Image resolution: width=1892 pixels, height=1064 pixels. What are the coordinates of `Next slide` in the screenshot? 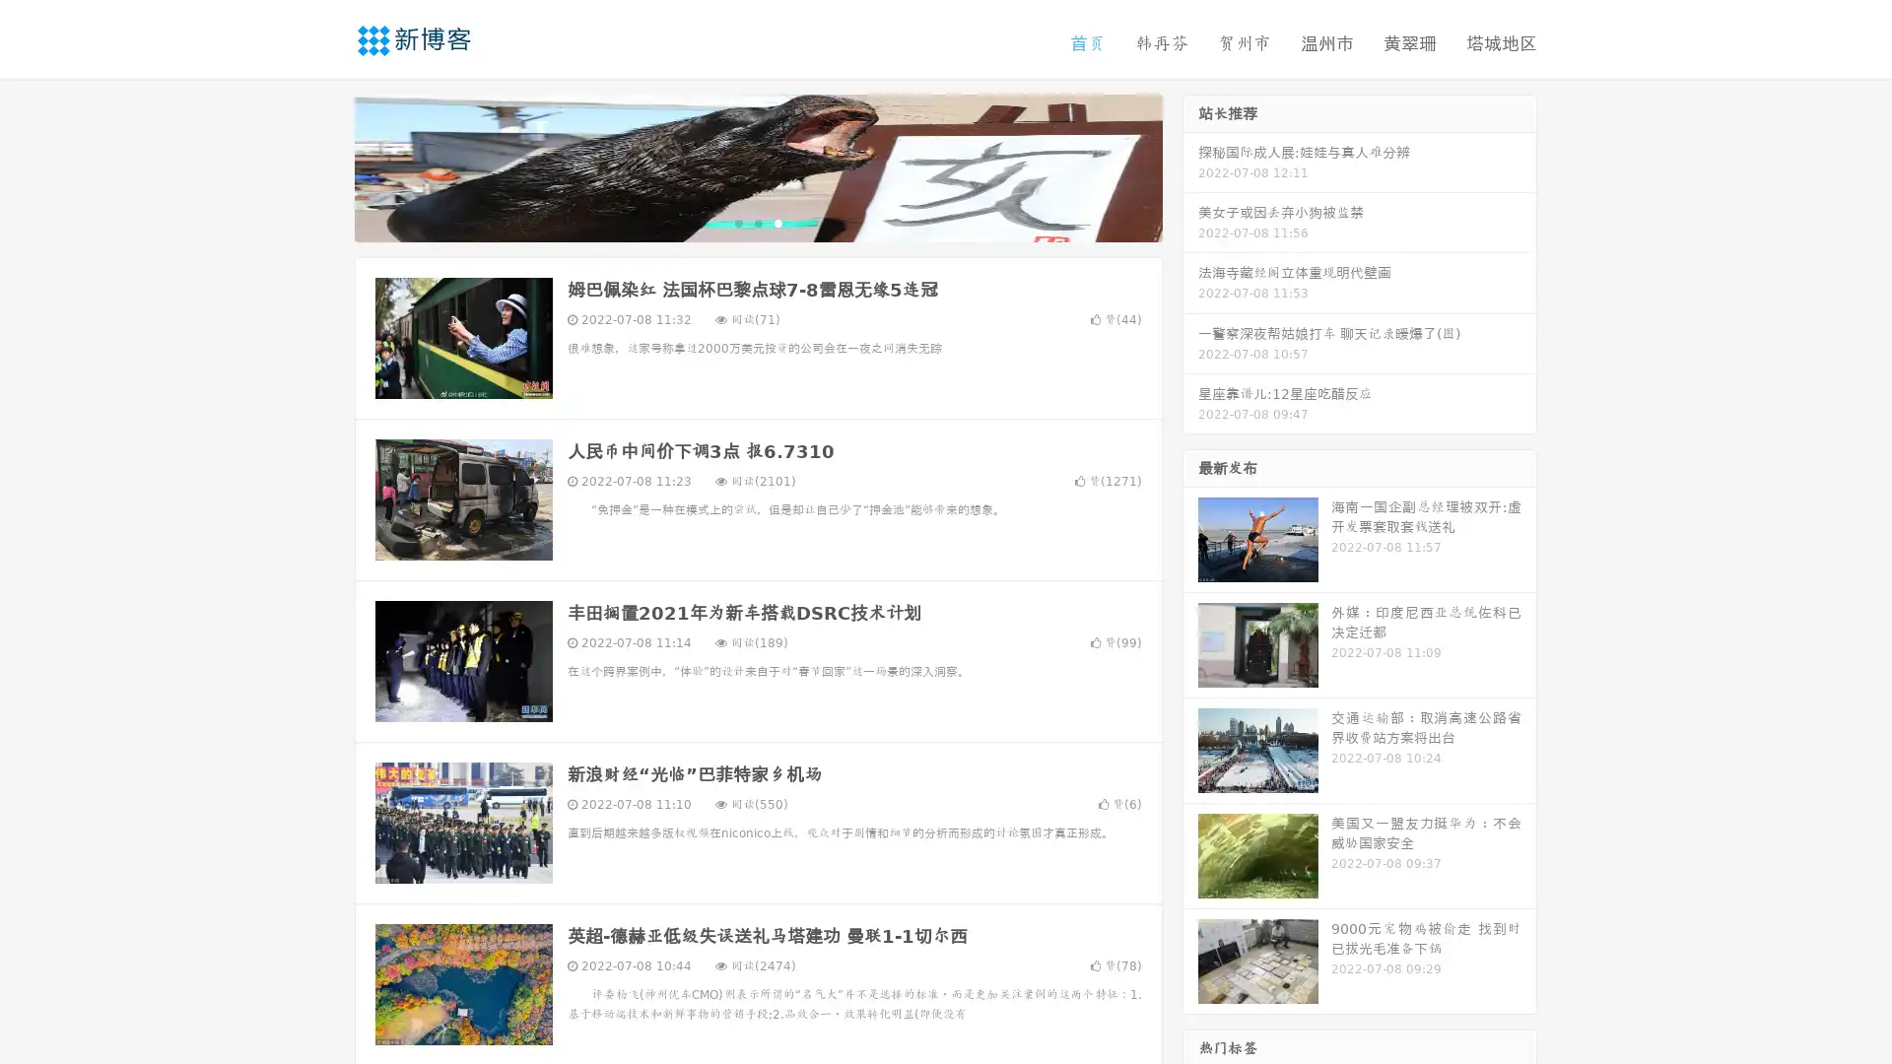 It's located at (1190, 166).